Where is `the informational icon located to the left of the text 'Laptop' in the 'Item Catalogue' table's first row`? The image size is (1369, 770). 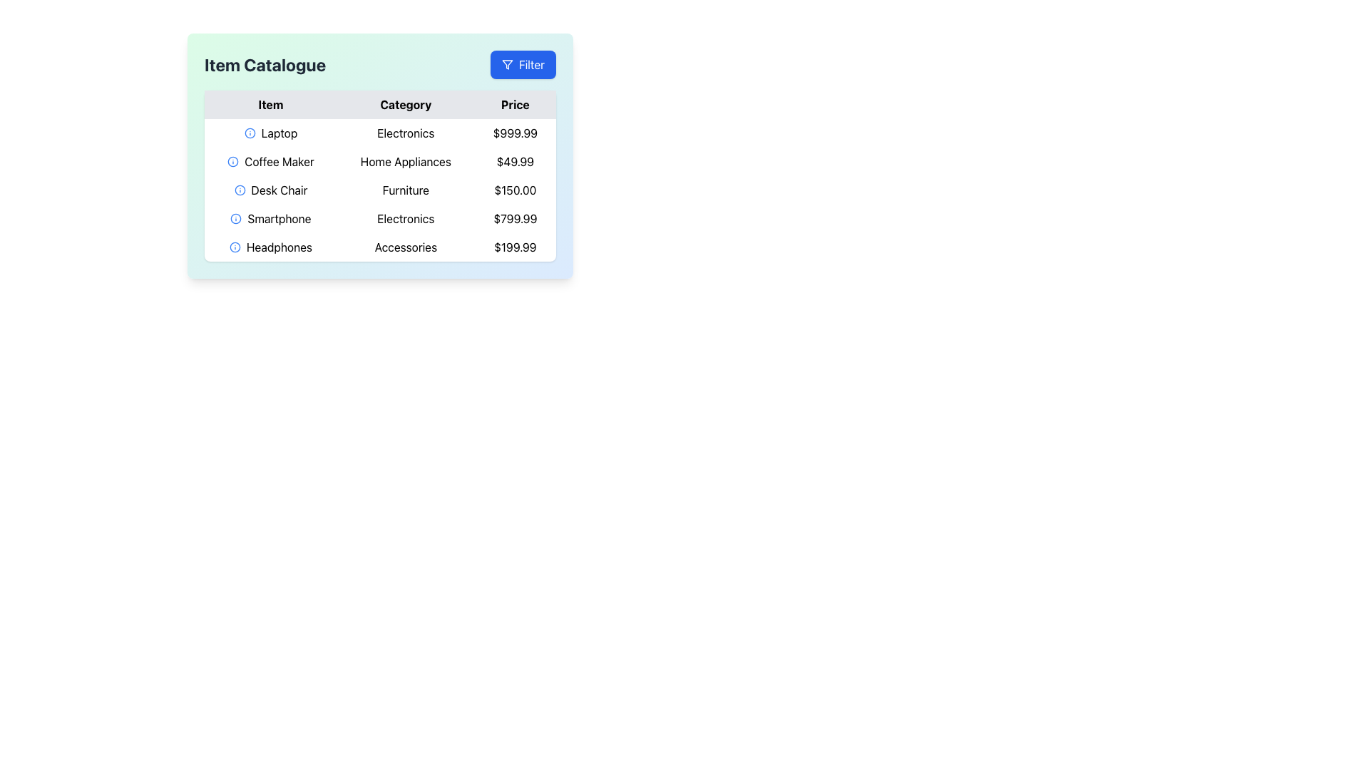
the informational icon located to the left of the text 'Laptop' in the 'Item Catalogue' table's first row is located at coordinates (250, 133).